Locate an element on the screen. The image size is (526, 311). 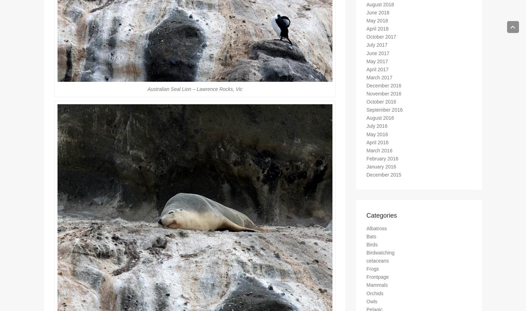
'Australian Seal Lion – Lawrence Rocks, Vic' is located at coordinates (195, 91).